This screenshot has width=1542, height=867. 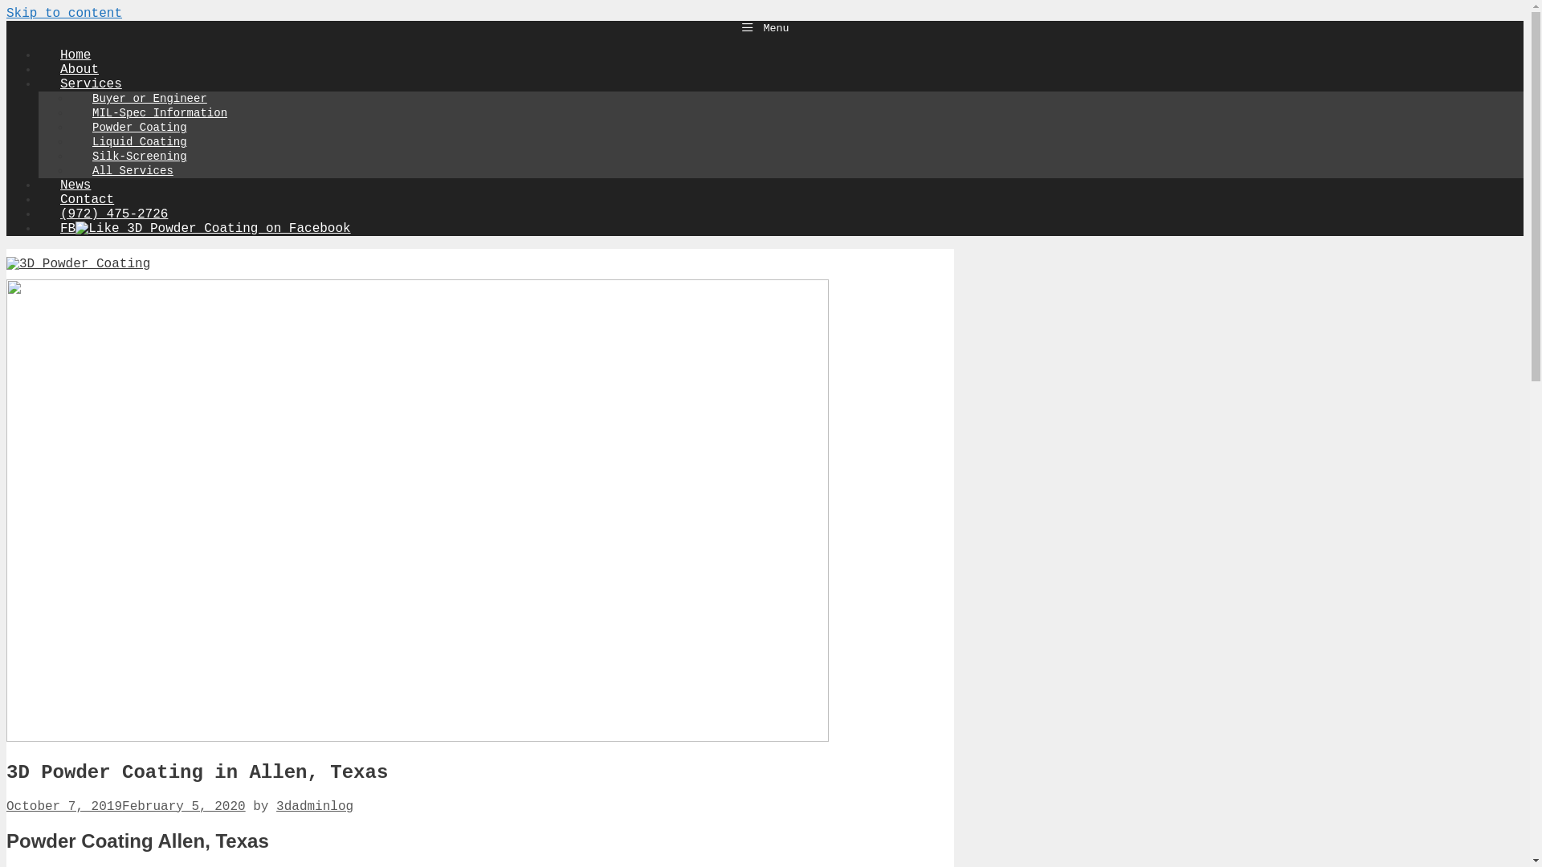 What do you see at coordinates (133, 170) in the screenshot?
I see `'All Services'` at bounding box center [133, 170].